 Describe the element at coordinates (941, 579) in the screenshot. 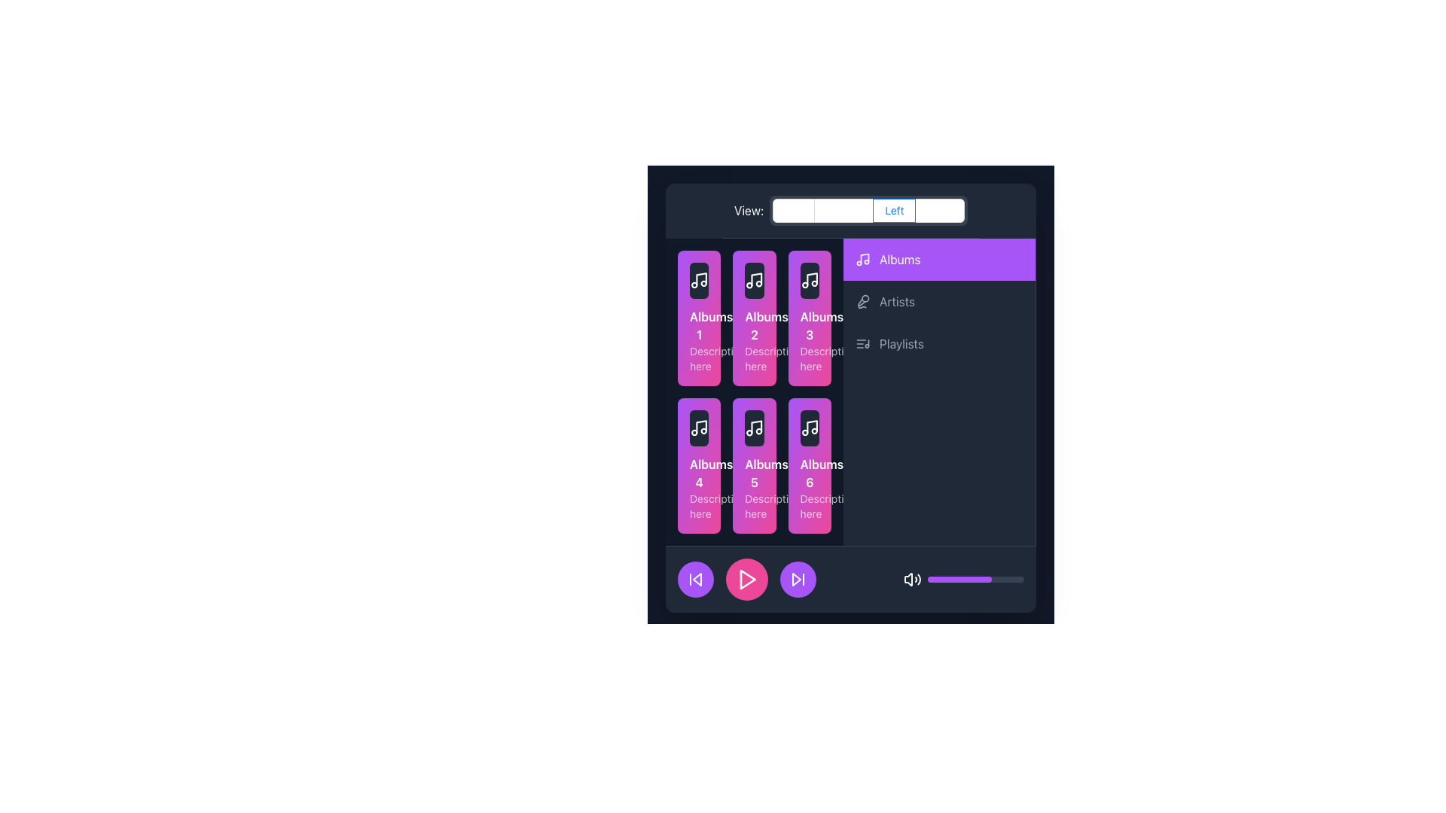

I see `the volume level` at that location.